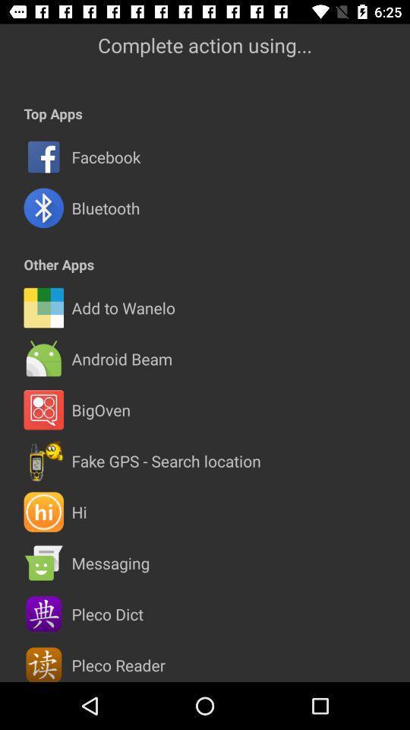  I want to click on the bluetooth, so click(105, 207).